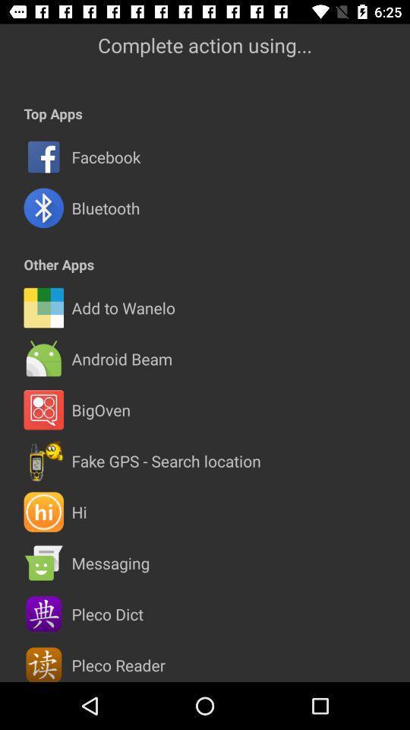  I want to click on the bluetooth, so click(105, 207).